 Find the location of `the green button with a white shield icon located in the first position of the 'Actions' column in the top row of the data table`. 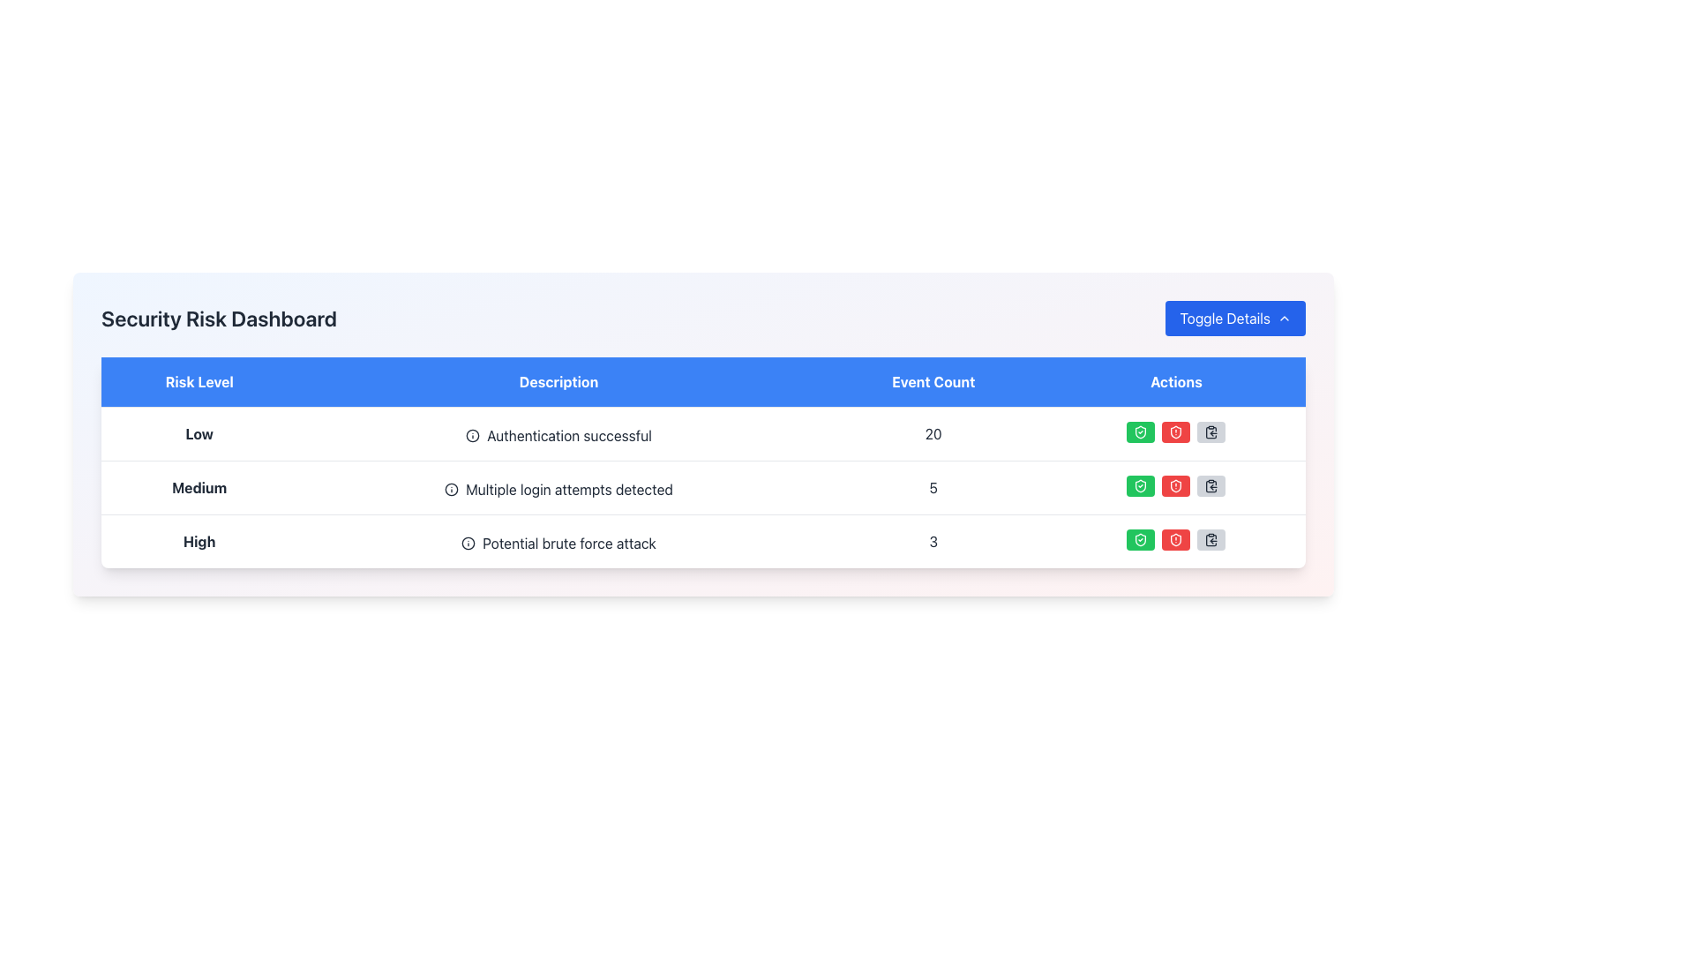

the green button with a white shield icon located in the first position of the 'Actions' column in the top row of the data table is located at coordinates (1141, 431).